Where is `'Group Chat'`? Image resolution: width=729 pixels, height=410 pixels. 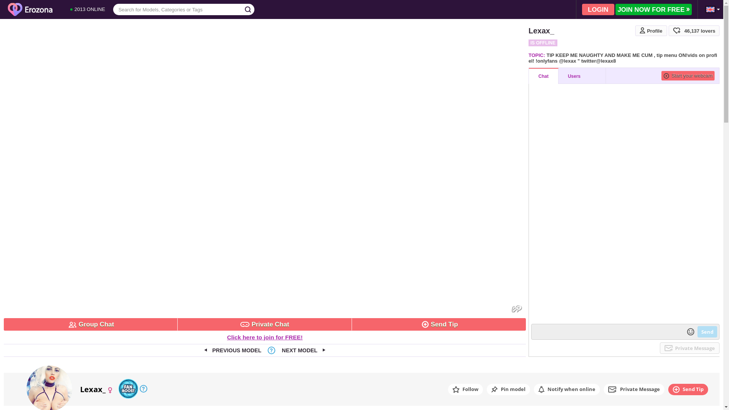
'Group Chat' is located at coordinates (91, 324).